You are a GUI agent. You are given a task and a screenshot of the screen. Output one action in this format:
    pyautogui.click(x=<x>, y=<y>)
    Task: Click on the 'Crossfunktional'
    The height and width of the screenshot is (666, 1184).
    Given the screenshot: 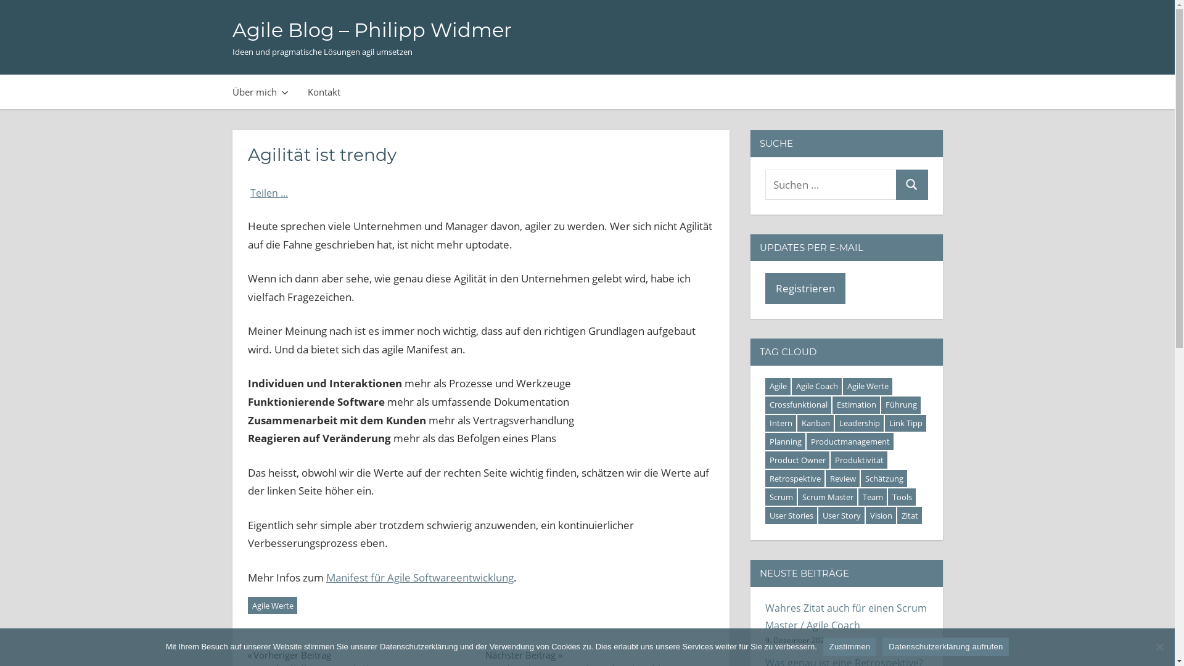 What is the action you would take?
    pyautogui.click(x=798, y=405)
    